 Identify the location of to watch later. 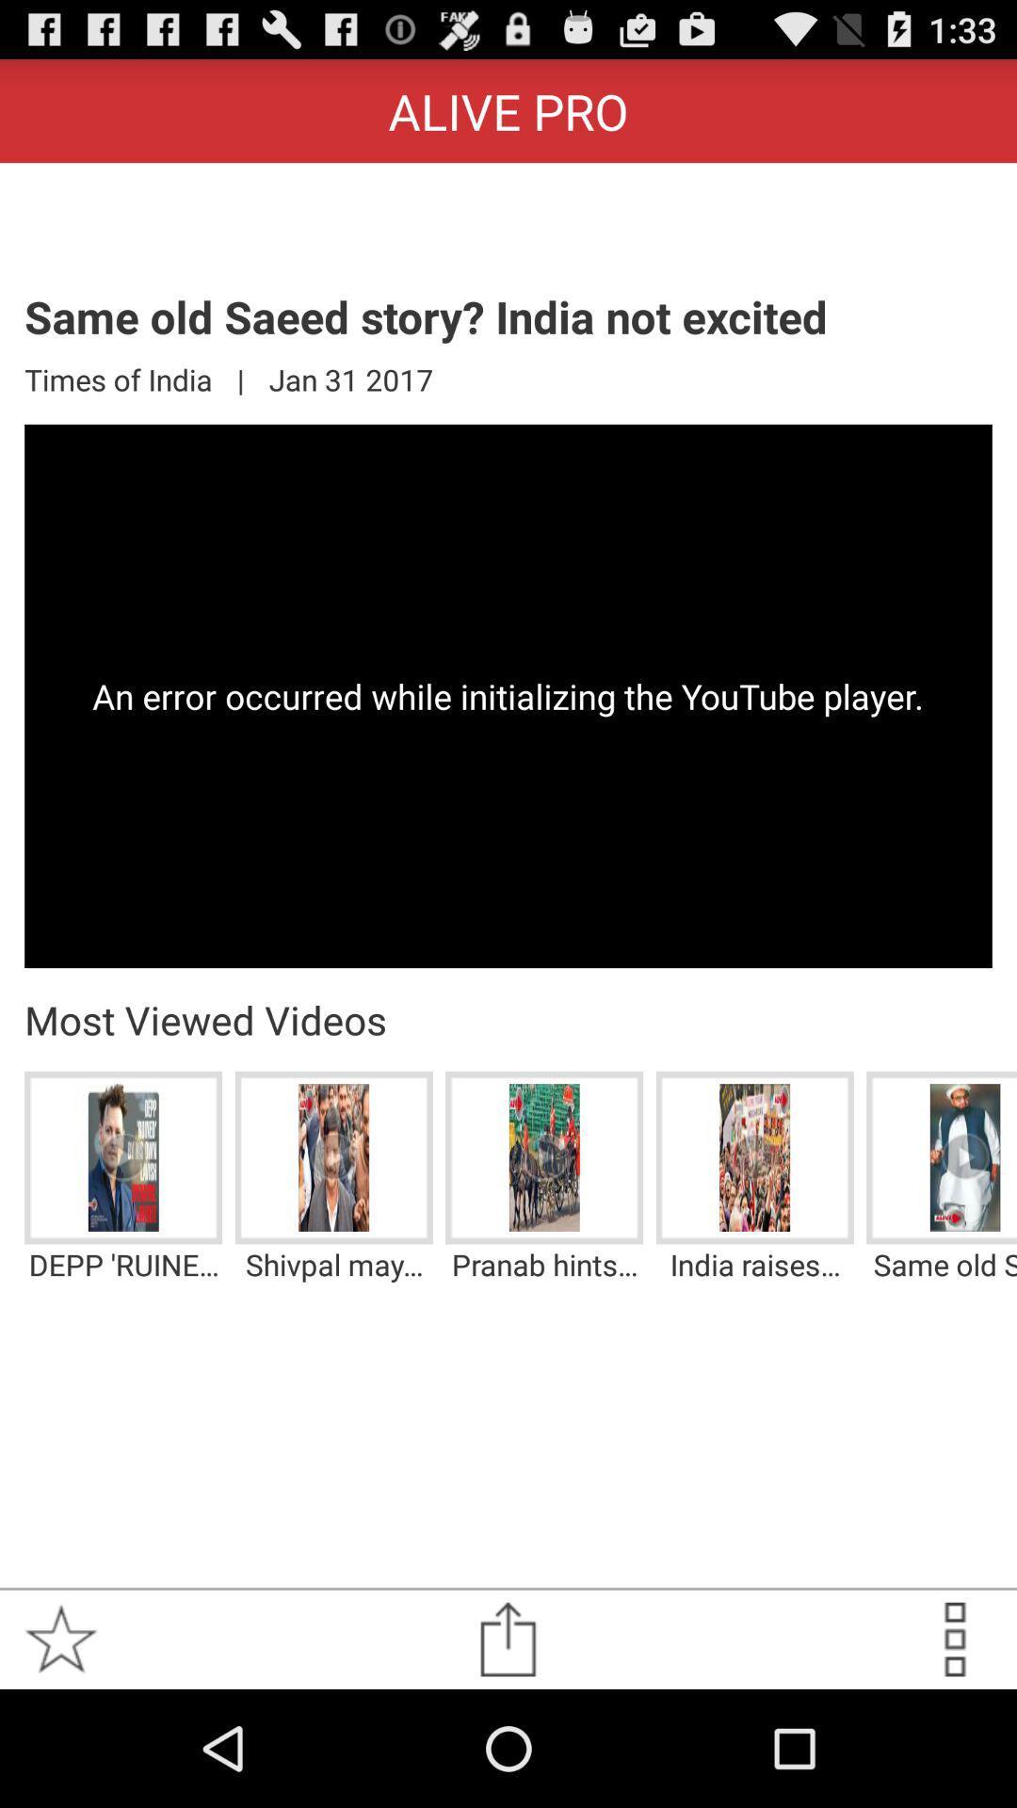
(955, 1638).